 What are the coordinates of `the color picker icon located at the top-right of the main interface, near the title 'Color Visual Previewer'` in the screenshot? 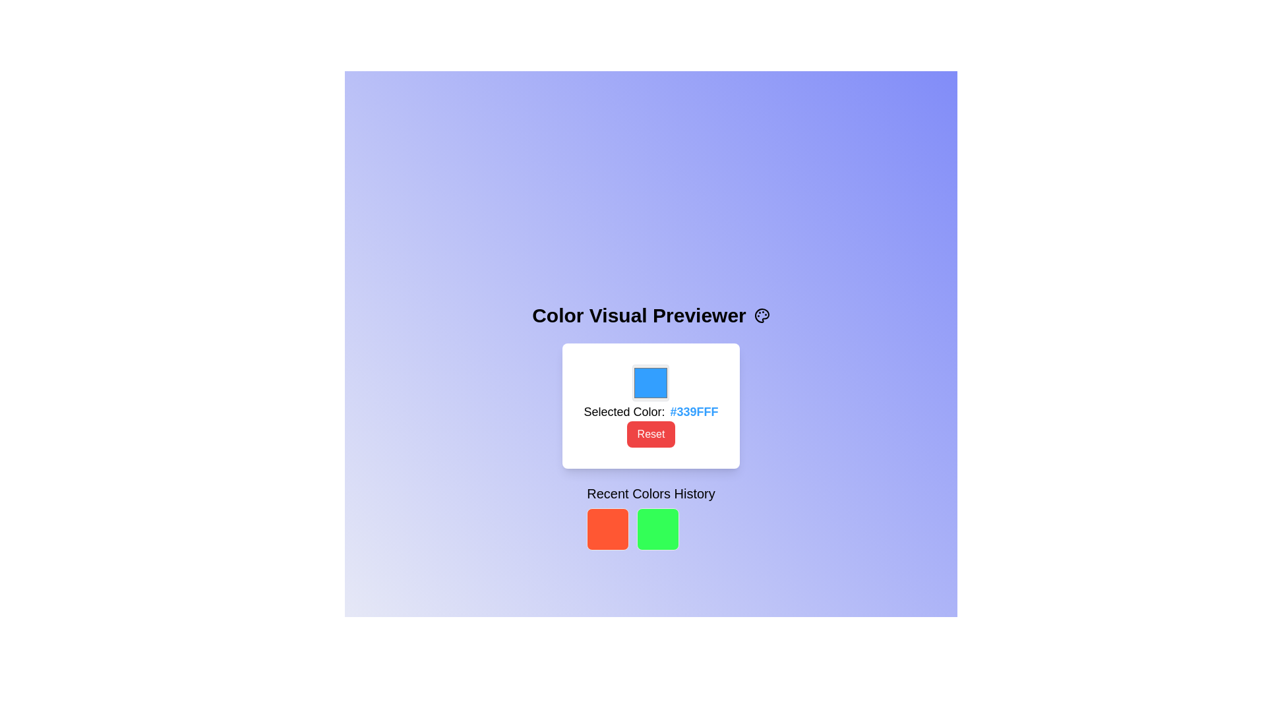 It's located at (762, 315).